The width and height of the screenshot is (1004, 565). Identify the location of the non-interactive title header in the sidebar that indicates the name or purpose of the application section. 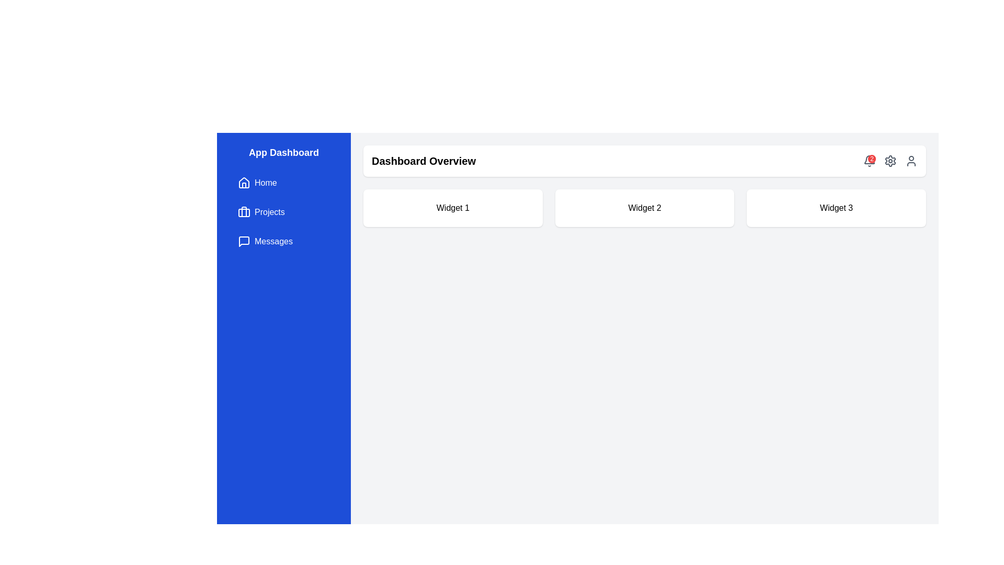
(283, 153).